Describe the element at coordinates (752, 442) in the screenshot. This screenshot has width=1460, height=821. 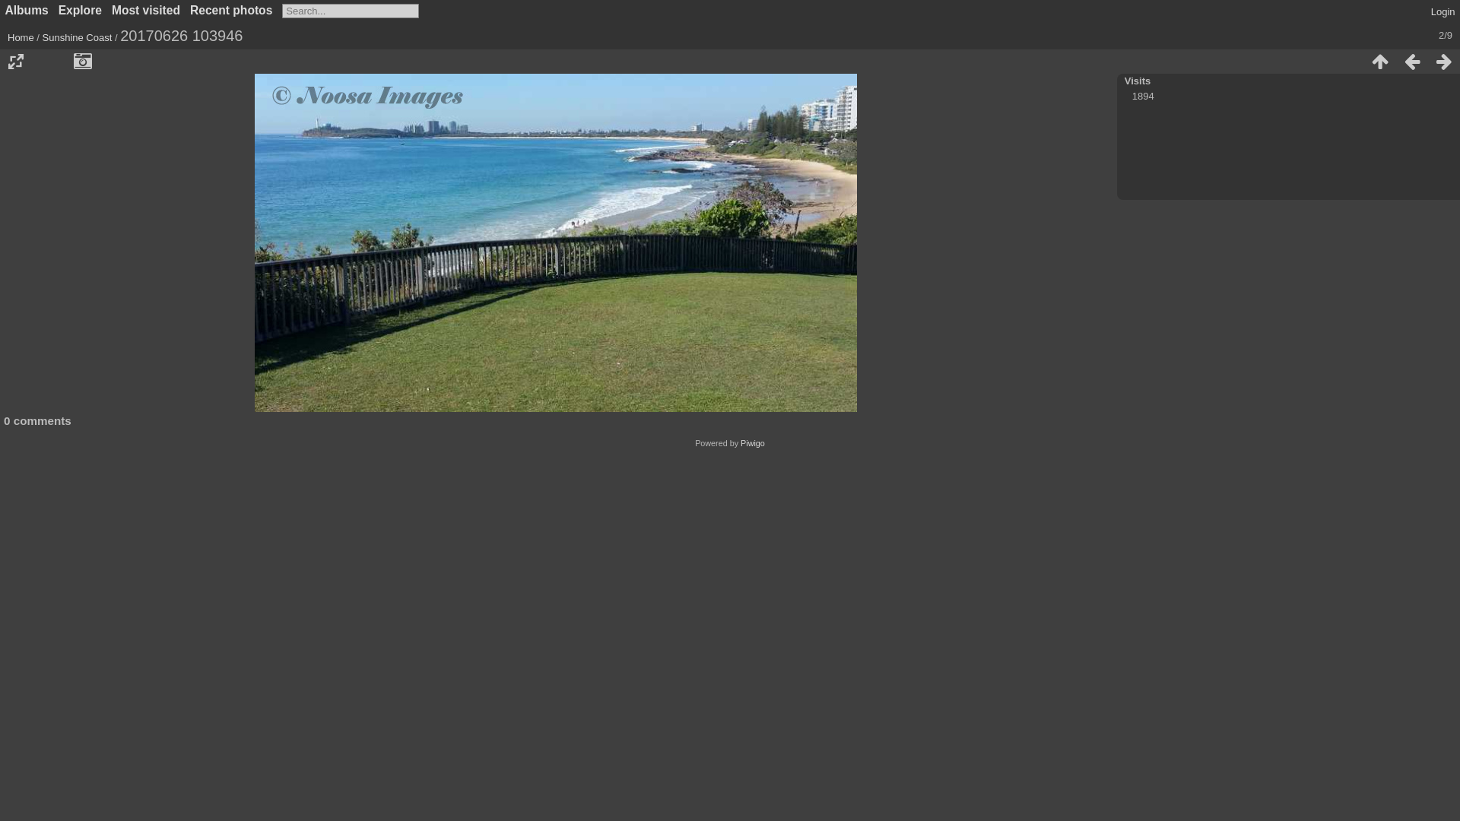
I see `'Piwigo'` at that location.